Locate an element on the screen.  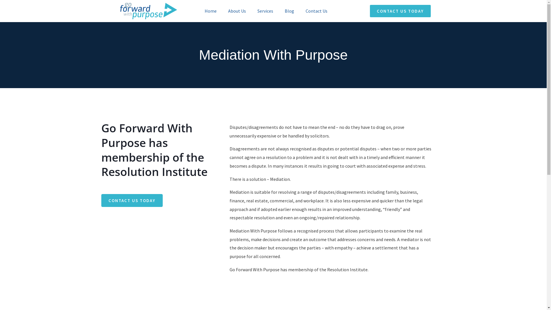
'Contact Us' is located at coordinates (316, 11).